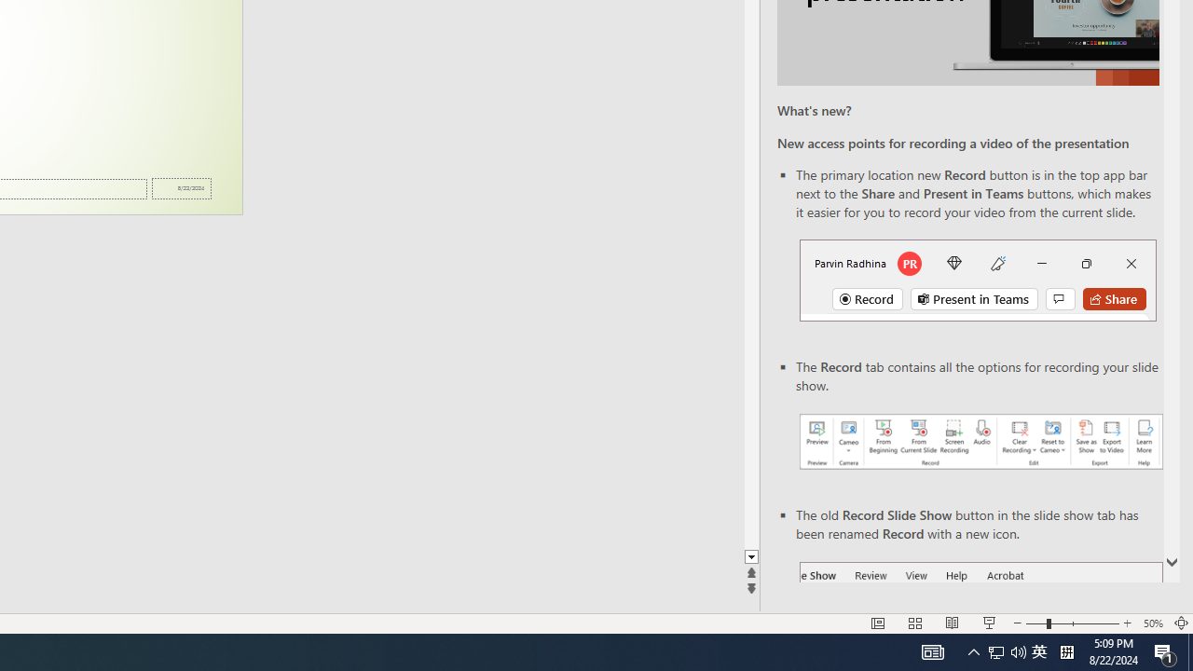  What do you see at coordinates (915, 623) in the screenshot?
I see `'Slide Sorter'` at bounding box center [915, 623].